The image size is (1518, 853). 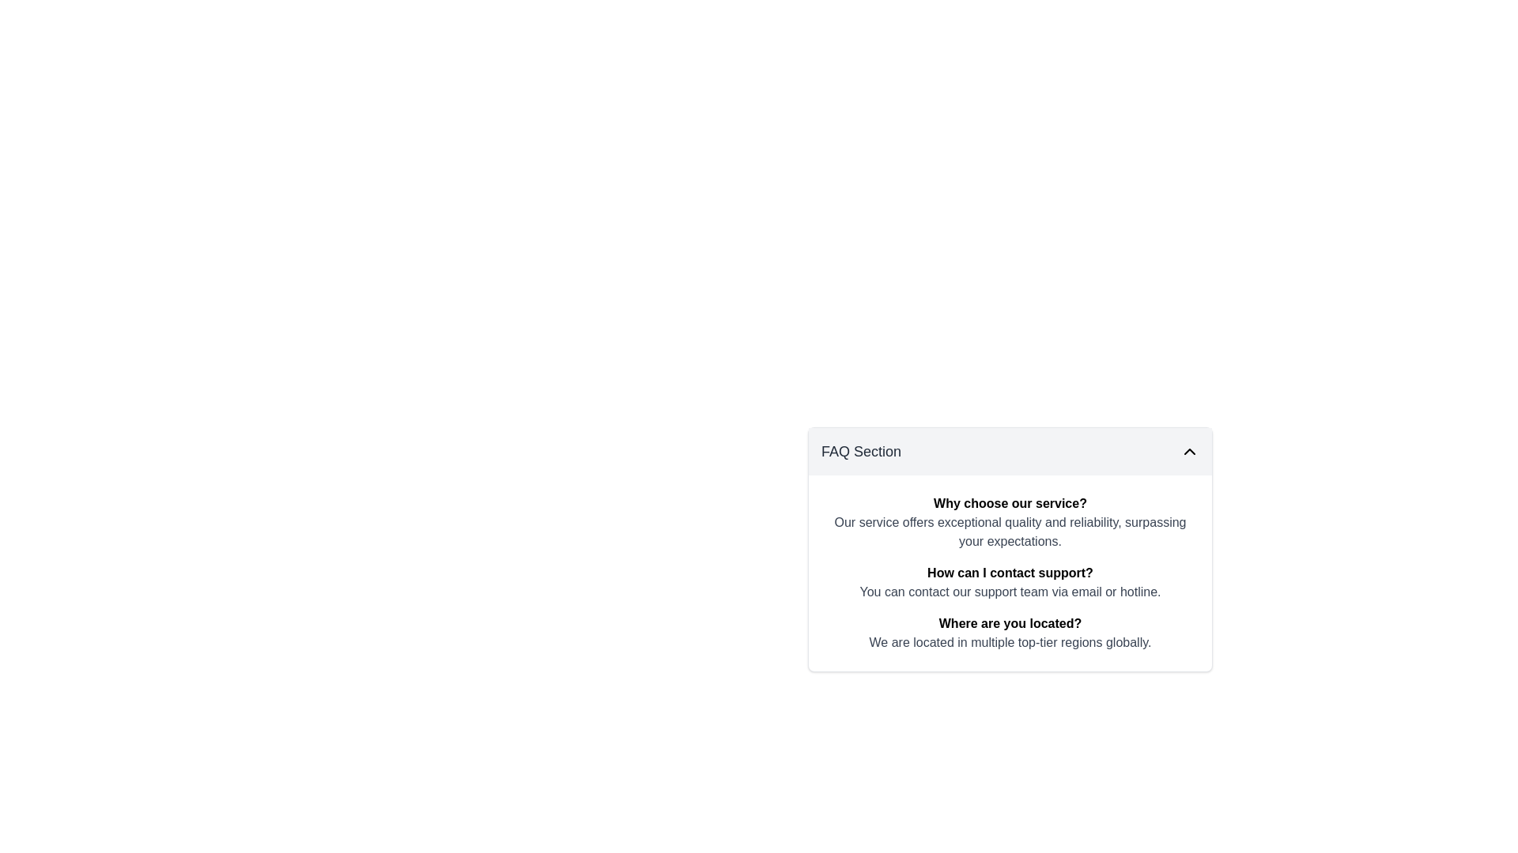 I want to click on the non-interactive textual element that reads 'You can contact our support team via email or hotline.' located in the FAQ section beneath the question 'How can I contact support?', so click(x=1009, y=592).